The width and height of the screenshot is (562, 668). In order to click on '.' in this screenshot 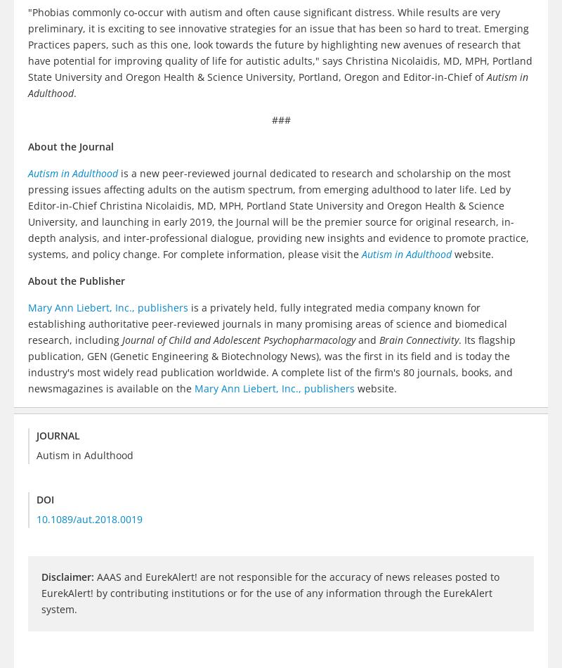, I will do `click(73, 92)`.